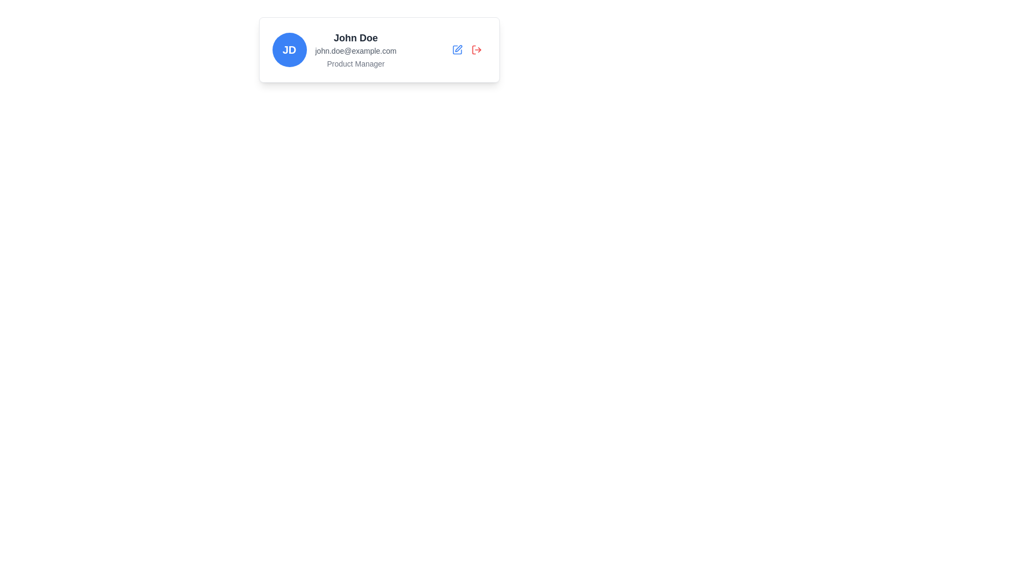  Describe the element at coordinates (476, 49) in the screenshot. I see `the logout button located in the top-right corner of the profile card, which is the second interactive item next to the 'Edit Profile' button, to initiate logout` at that location.